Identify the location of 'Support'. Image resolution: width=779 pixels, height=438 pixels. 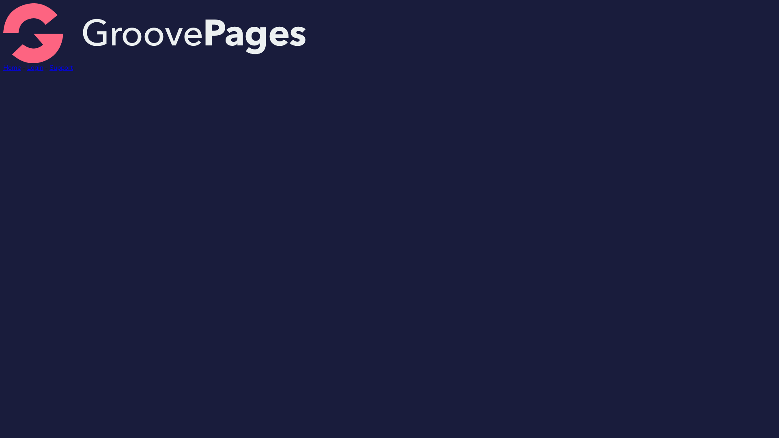
(60, 67).